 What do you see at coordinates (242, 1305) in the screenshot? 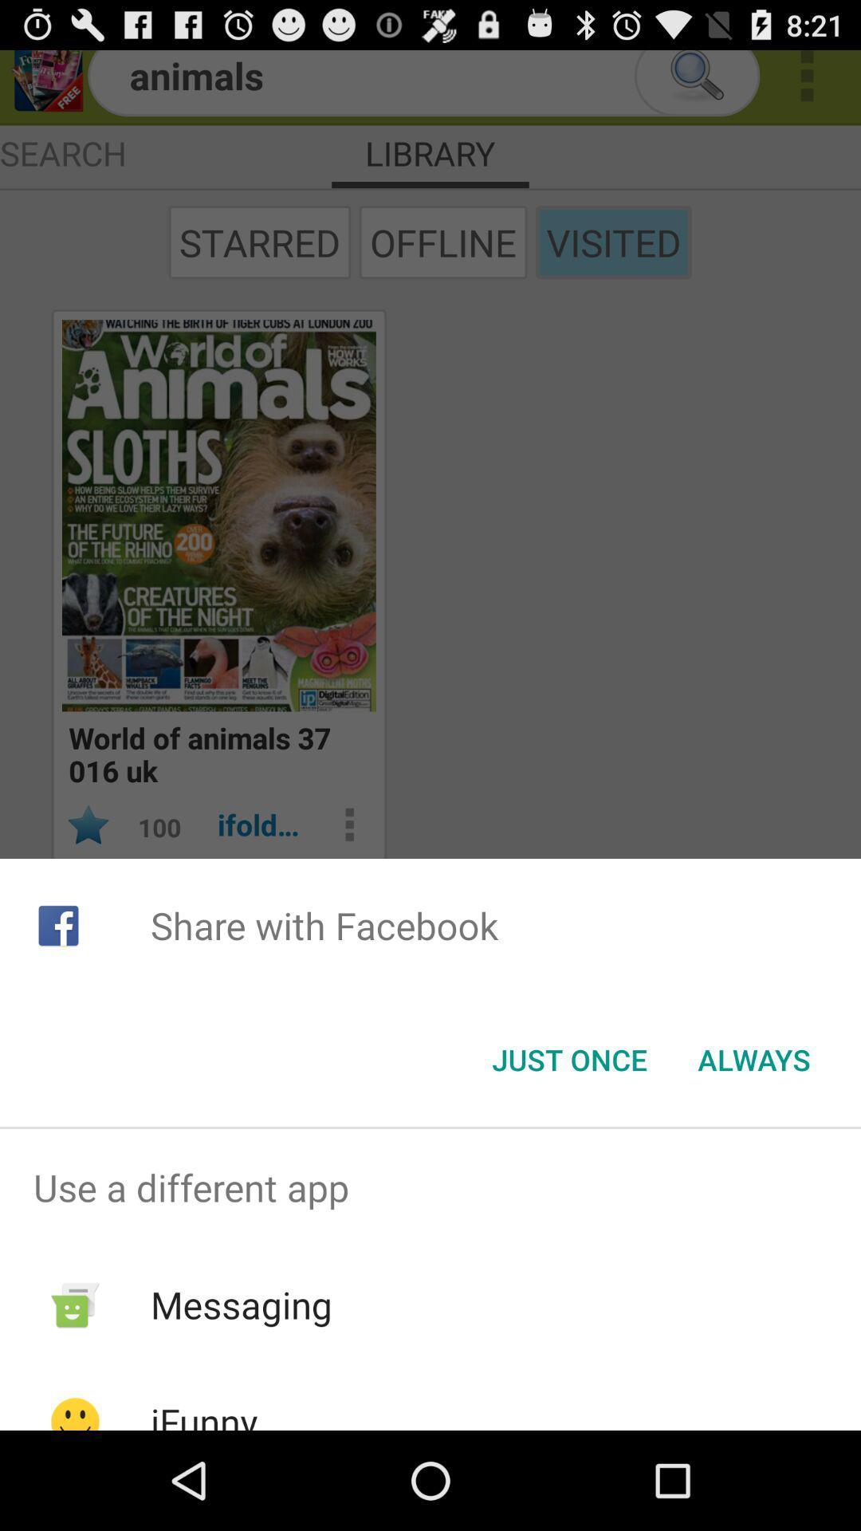
I see `item below the use a different app` at bounding box center [242, 1305].